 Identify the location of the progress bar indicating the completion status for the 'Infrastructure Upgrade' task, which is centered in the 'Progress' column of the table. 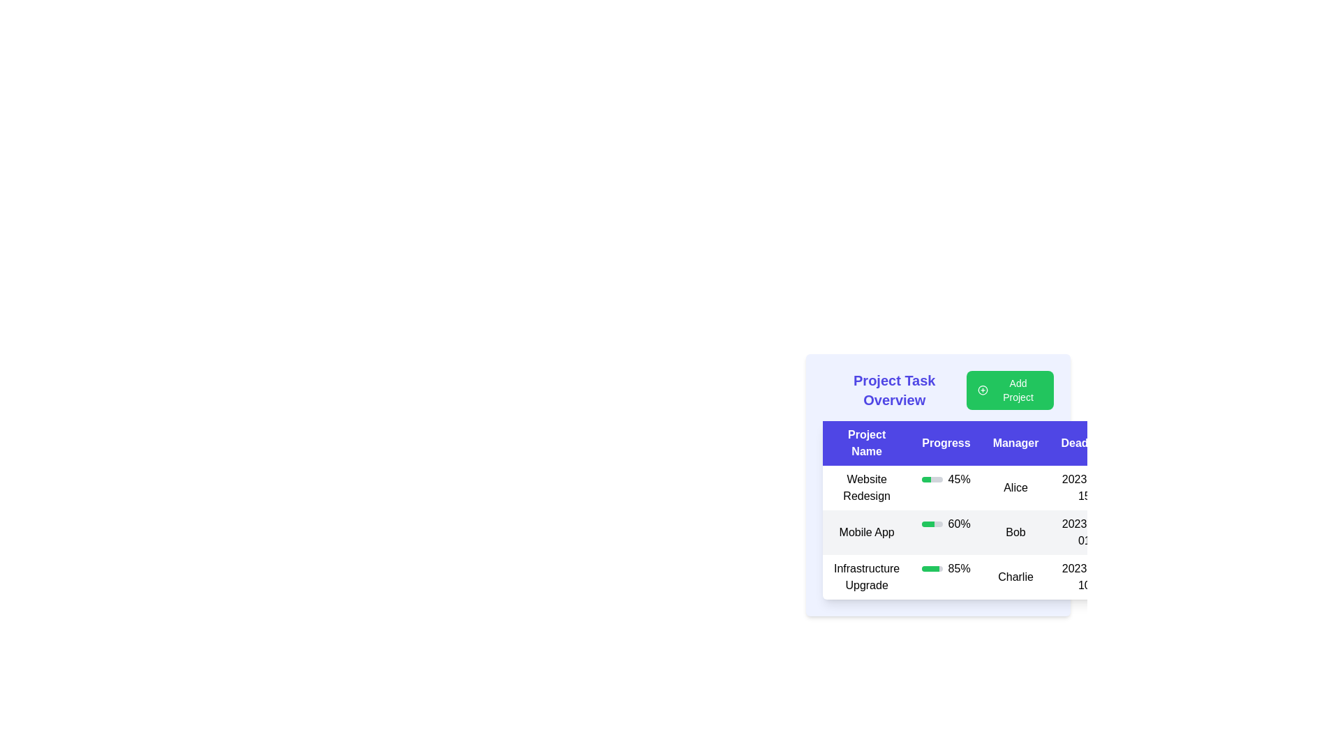
(930, 569).